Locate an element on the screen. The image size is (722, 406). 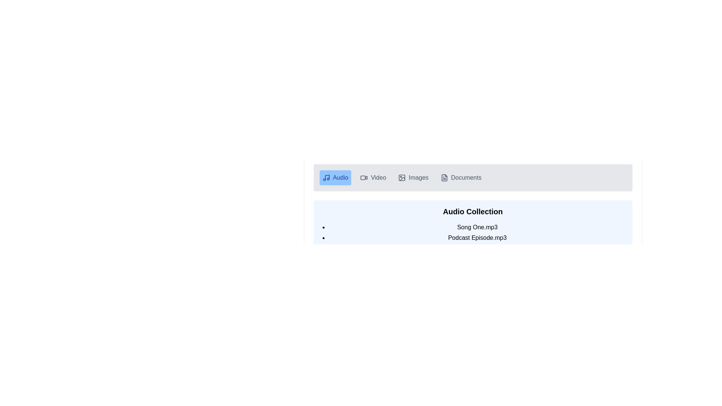
the 'Images' button, which is the third button in a row of four buttons is located at coordinates (413, 178).